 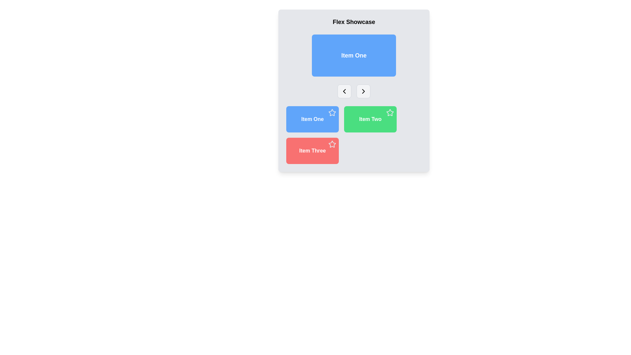 What do you see at coordinates (332, 112) in the screenshot?
I see `the star icon located inside the light blue button labeled 'Item One', positioned at the top-left within the group of three buttons below the 'Flex Showcase' header` at bounding box center [332, 112].